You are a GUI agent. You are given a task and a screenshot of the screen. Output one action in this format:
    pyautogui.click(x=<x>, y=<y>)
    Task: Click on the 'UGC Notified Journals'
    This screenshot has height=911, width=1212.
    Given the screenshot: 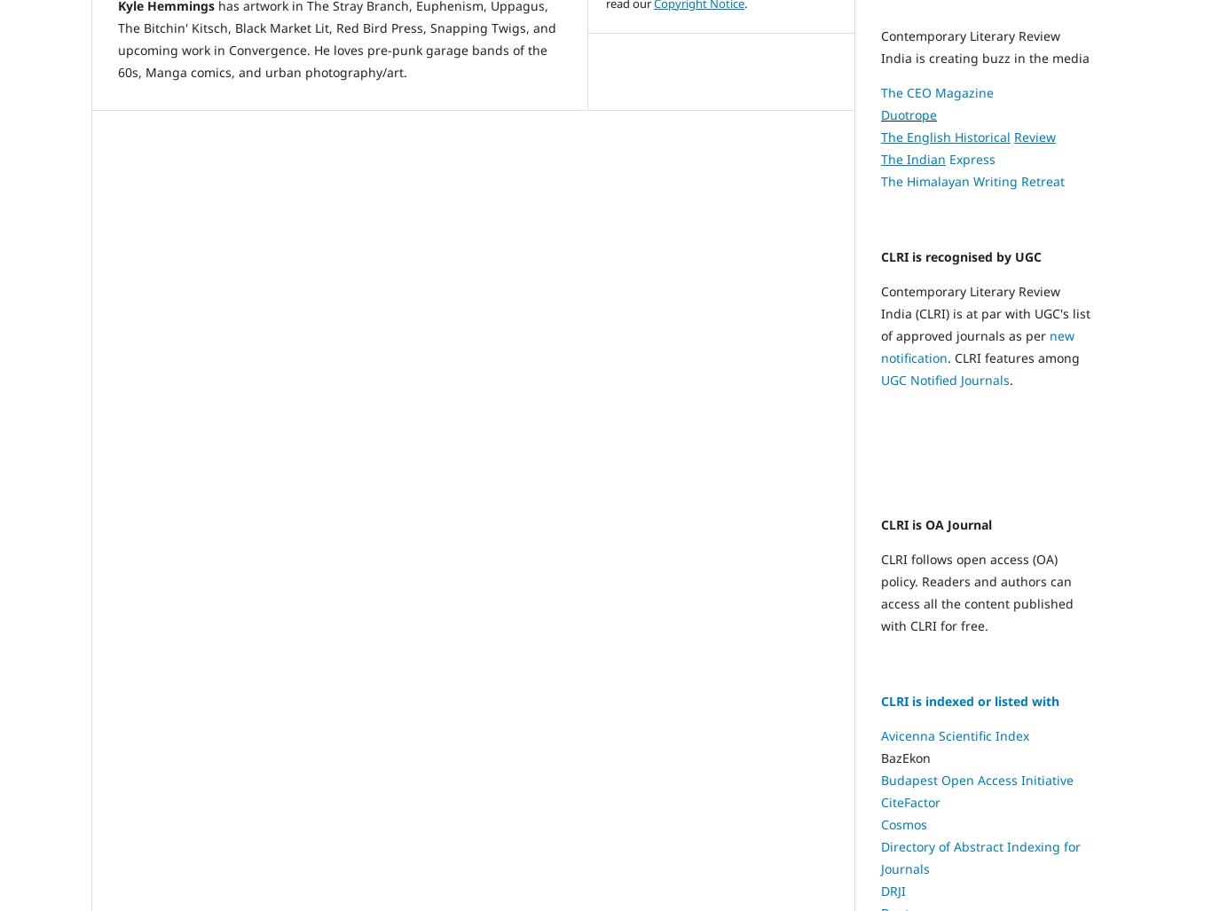 What is the action you would take?
    pyautogui.click(x=944, y=379)
    